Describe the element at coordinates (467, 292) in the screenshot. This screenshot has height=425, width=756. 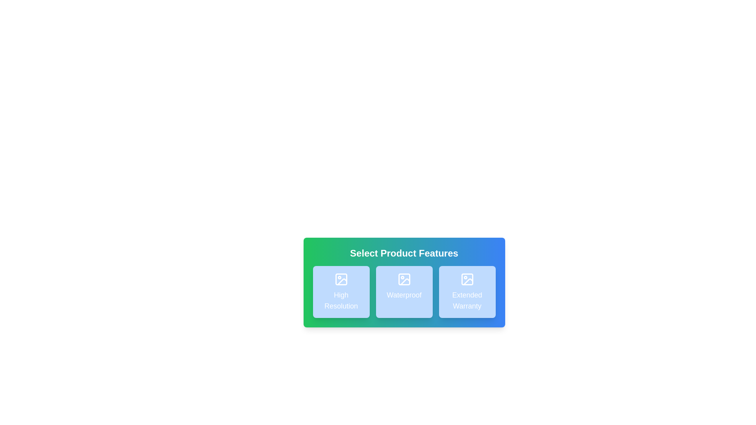
I see `the feature card labeled Extended Warranty` at that location.